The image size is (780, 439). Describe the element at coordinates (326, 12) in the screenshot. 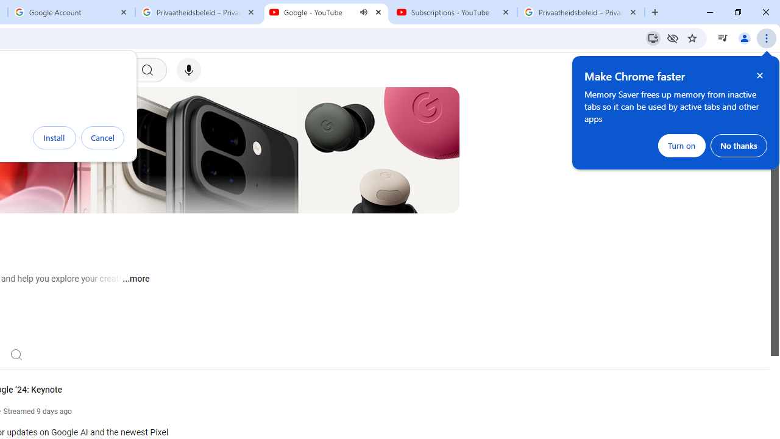

I see `'Google - YouTube - Audio playing'` at that location.